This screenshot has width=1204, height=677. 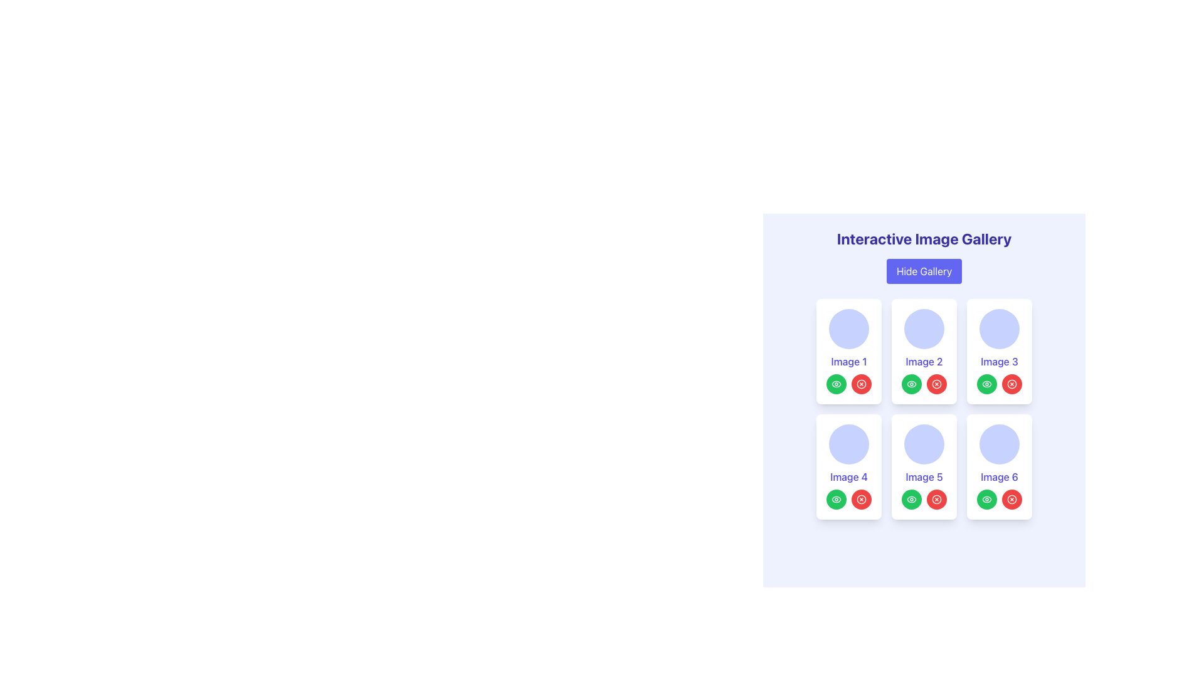 I want to click on the delete button associated with 'Image 1' located within the card in the first row and first column, so click(x=860, y=384).